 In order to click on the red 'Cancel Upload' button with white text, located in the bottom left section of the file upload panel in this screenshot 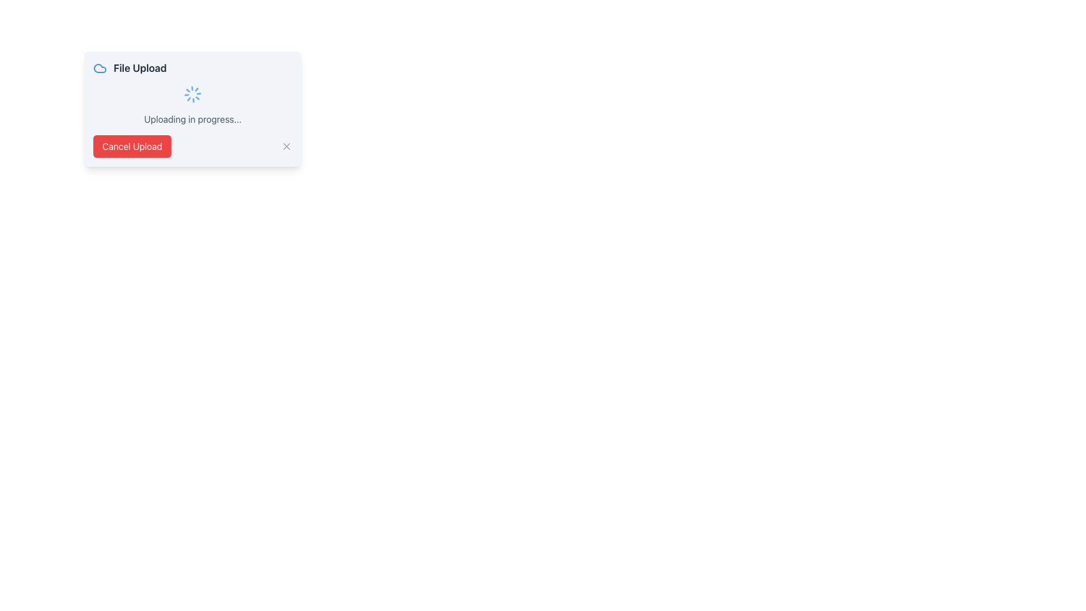, I will do `click(132, 145)`.